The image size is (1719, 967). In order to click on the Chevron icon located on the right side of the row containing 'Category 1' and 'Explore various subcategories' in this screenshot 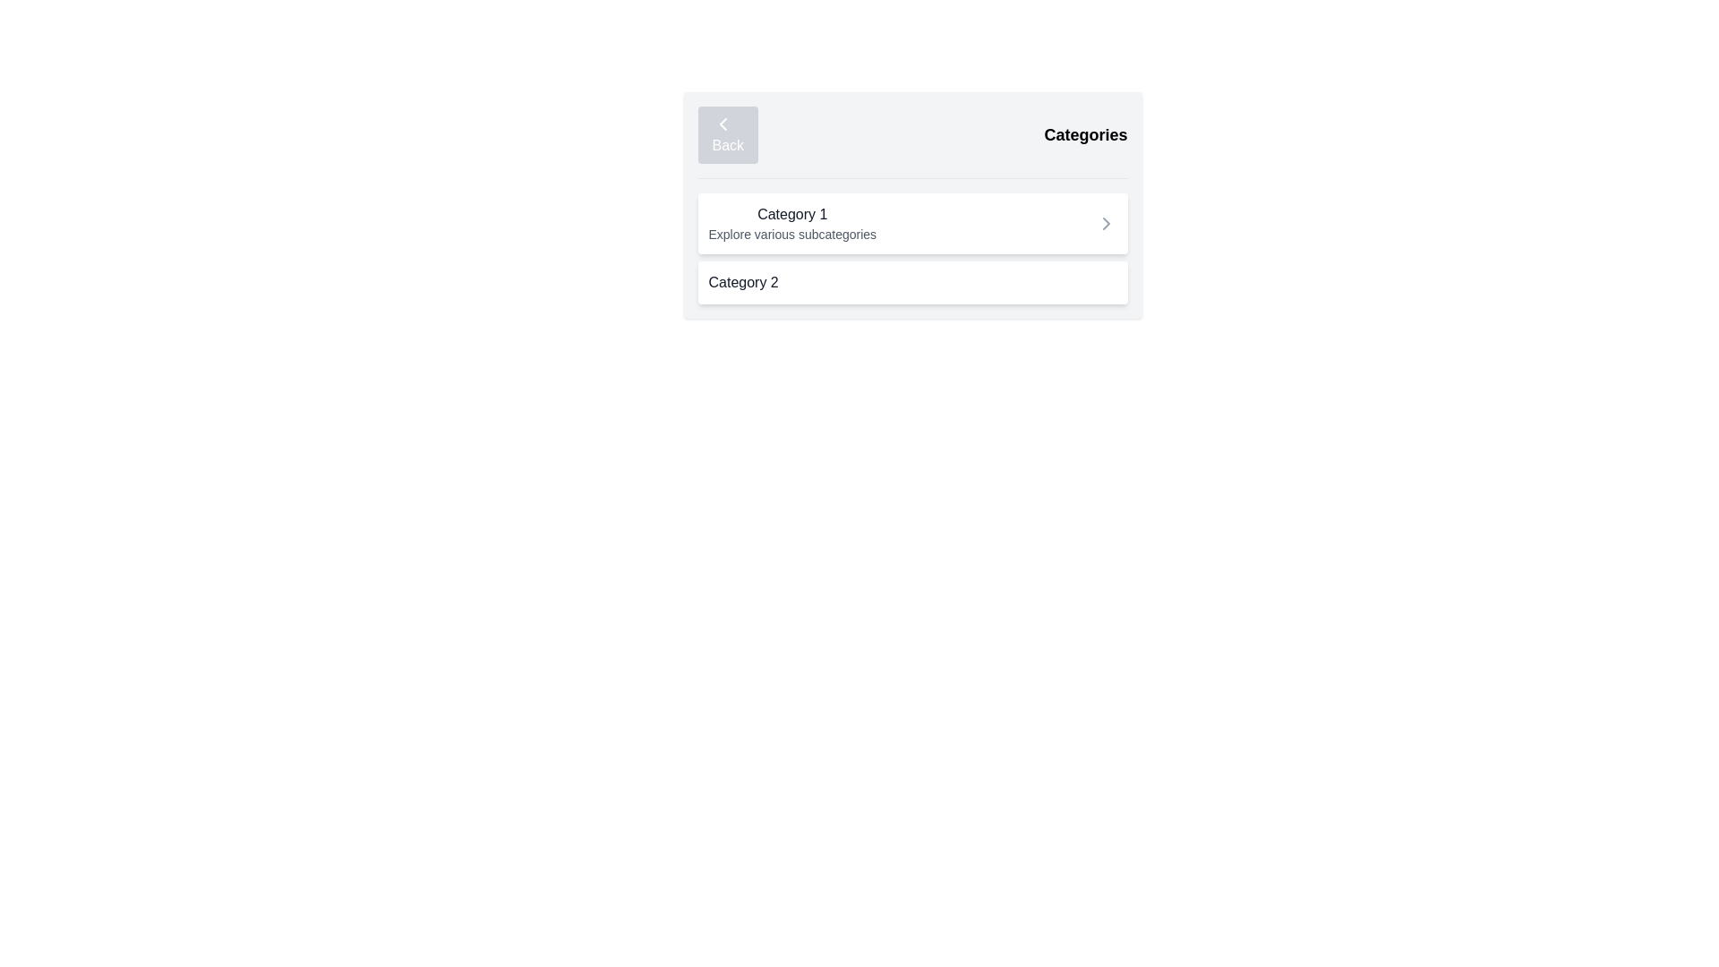, I will do `click(1105, 223)`.